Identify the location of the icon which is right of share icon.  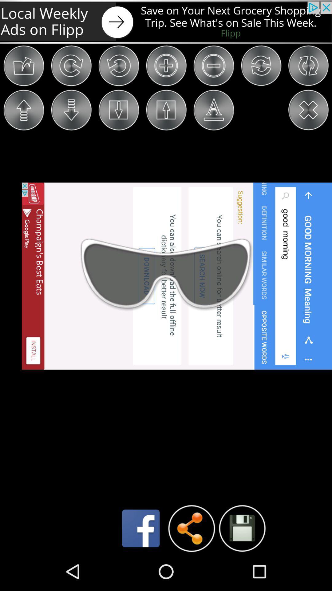
(242, 528).